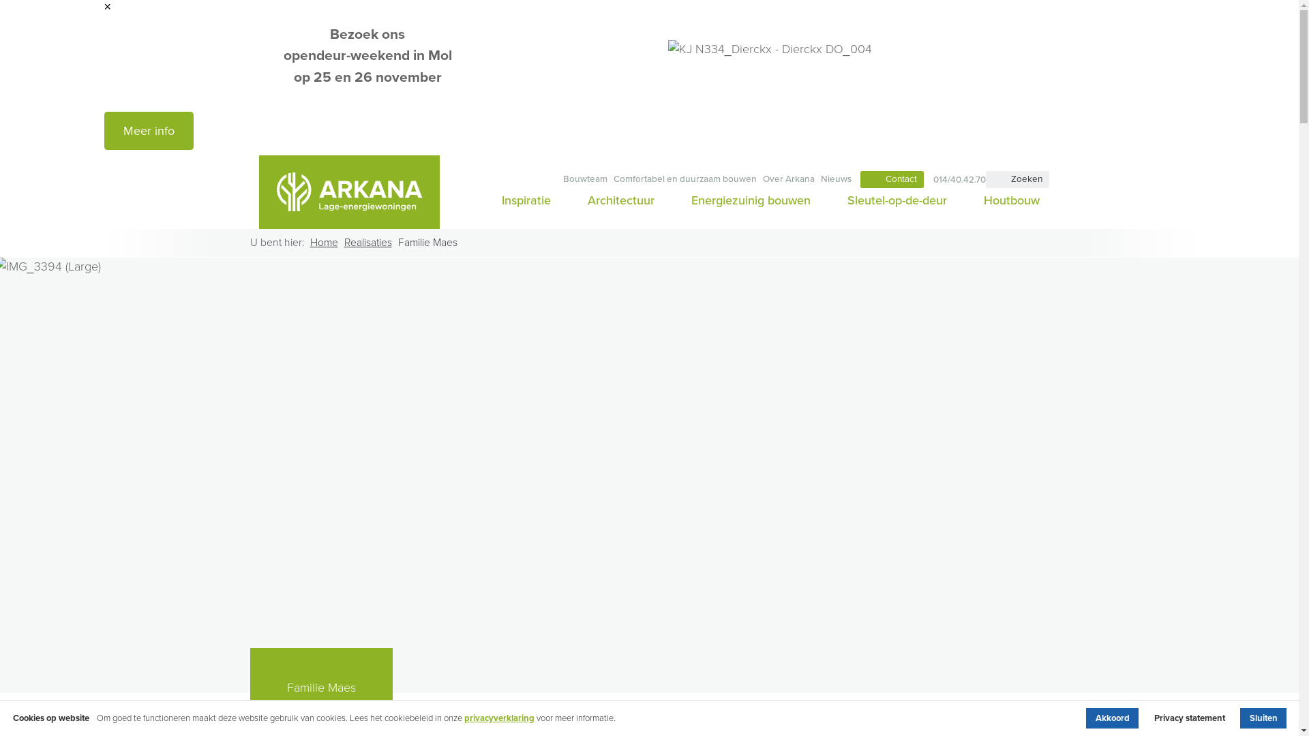 The height and width of the screenshot is (736, 1309). I want to click on 'Akkoord', so click(1112, 717).